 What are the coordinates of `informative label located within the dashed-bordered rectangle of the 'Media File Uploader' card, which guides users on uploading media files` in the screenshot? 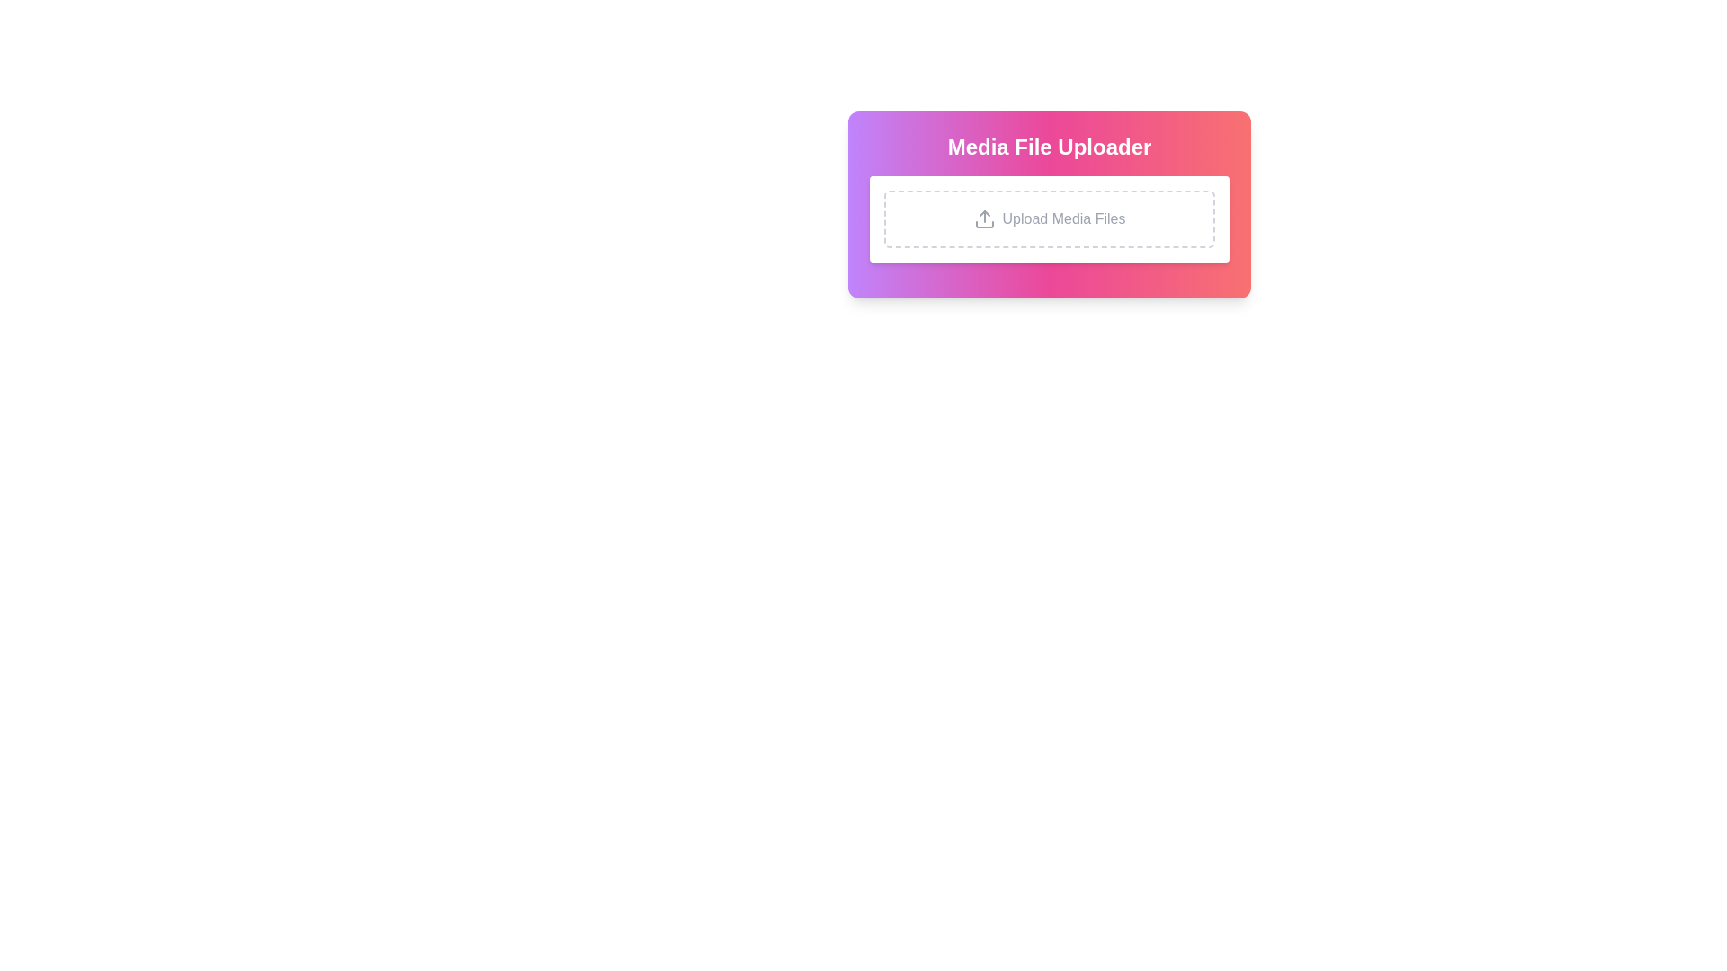 It's located at (1063, 218).